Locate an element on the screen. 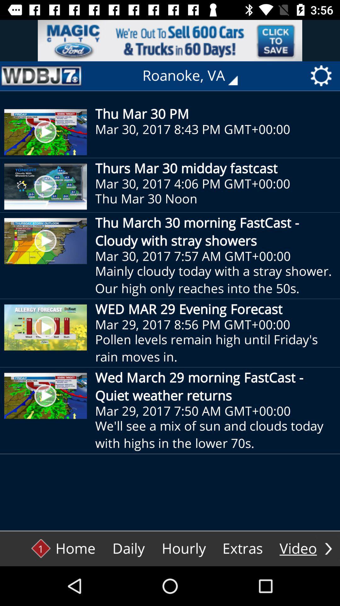 The image size is (340, 606). the arrow_forward icon is located at coordinates (328, 548).